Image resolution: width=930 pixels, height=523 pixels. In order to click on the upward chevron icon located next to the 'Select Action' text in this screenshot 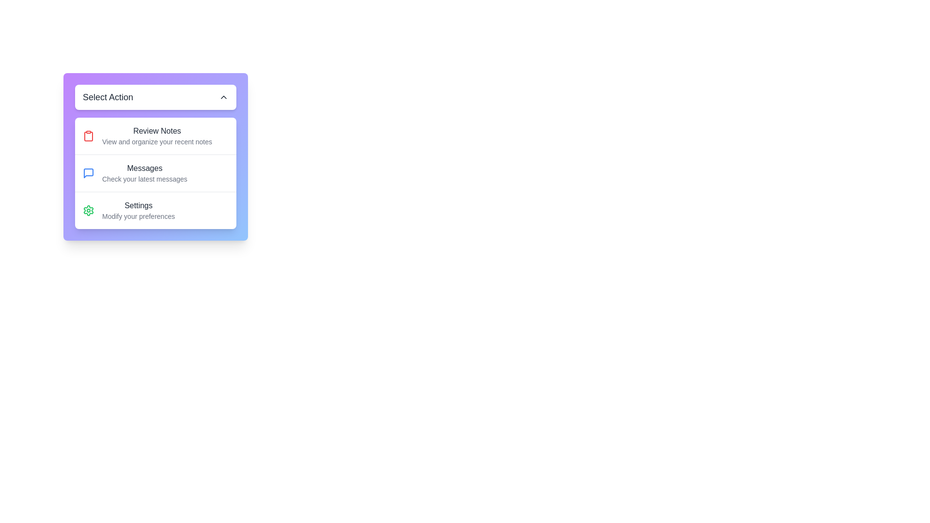, I will do `click(223, 97)`.